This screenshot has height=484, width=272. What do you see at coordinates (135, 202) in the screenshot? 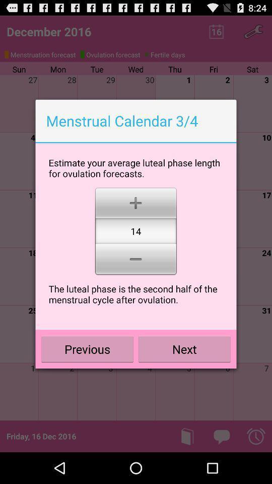
I see `click add value button` at bounding box center [135, 202].